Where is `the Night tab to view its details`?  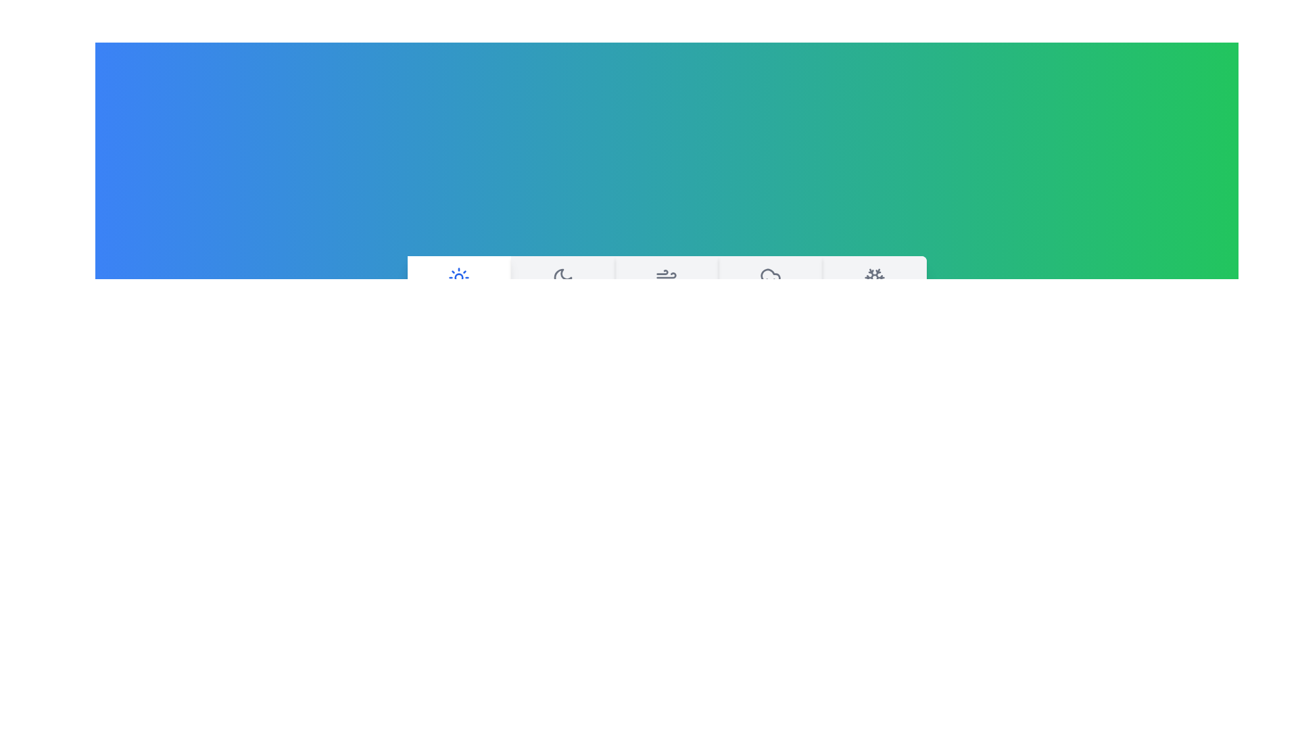 the Night tab to view its details is located at coordinates (562, 291).